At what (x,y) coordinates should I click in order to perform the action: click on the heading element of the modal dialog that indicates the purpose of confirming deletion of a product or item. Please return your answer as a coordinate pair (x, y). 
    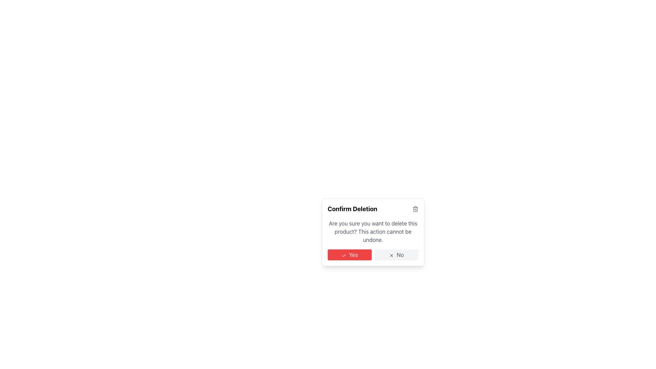
    Looking at the image, I should click on (372, 209).